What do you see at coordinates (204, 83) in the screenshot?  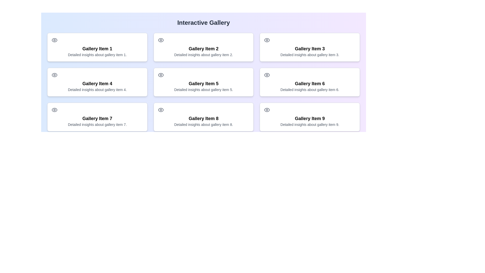 I see `the static text label that serves as the title of a gallery item, located in the middle-center of the grid structure` at bounding box center [204, 83].